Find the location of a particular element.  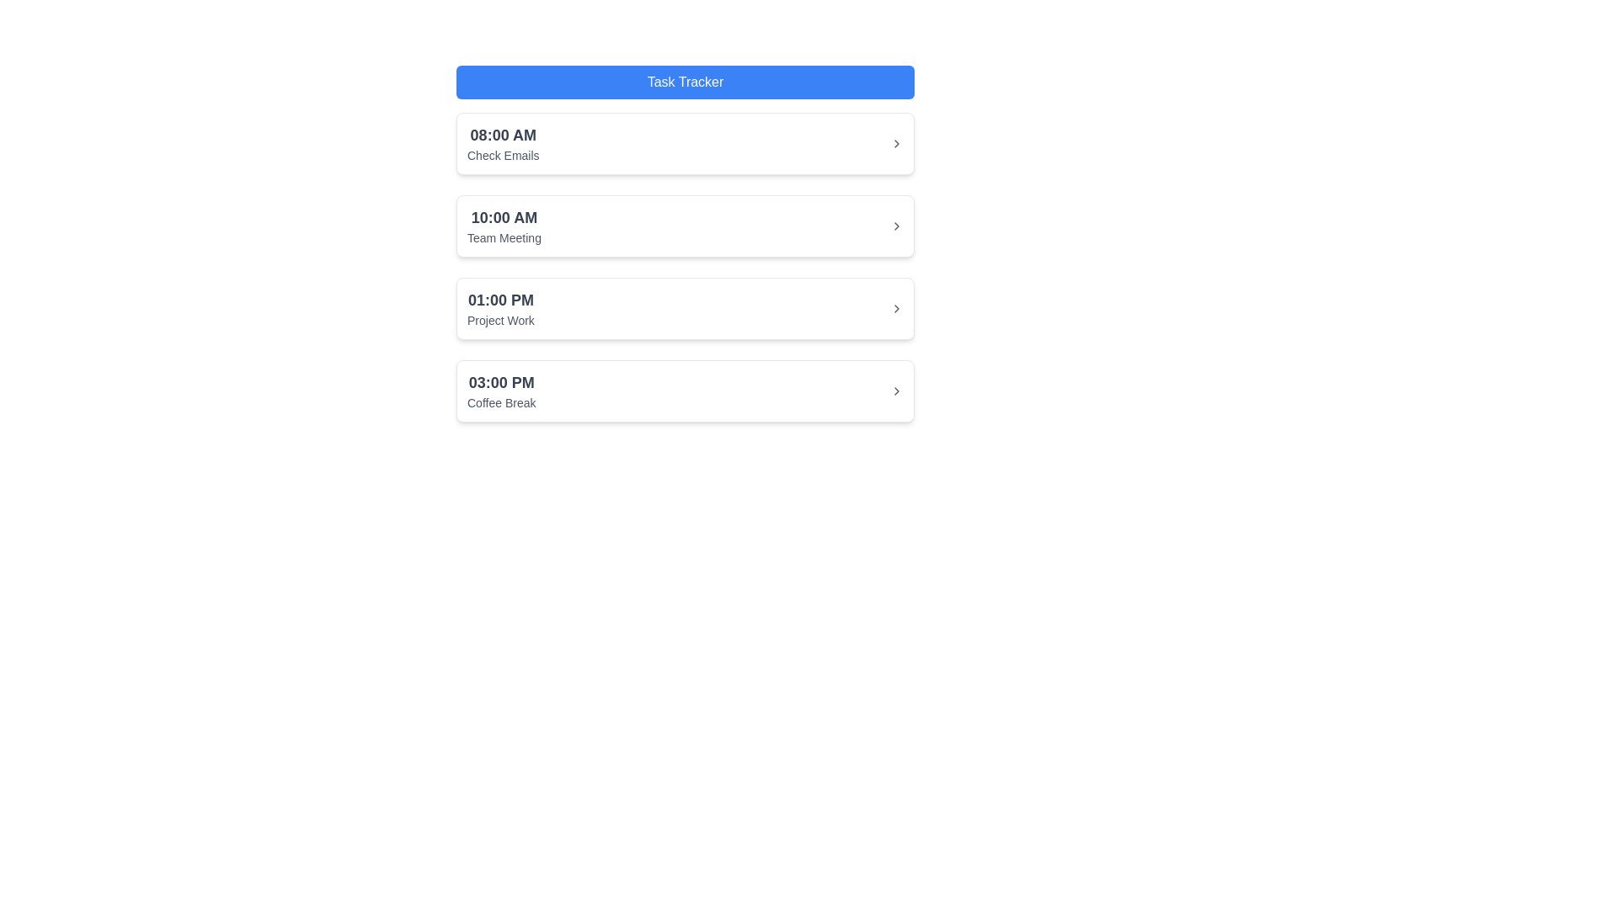

the right-pointing gray chevron icon for the task entry labeled '08:00 AM Check Emails' is located at coordinates (896, 142).